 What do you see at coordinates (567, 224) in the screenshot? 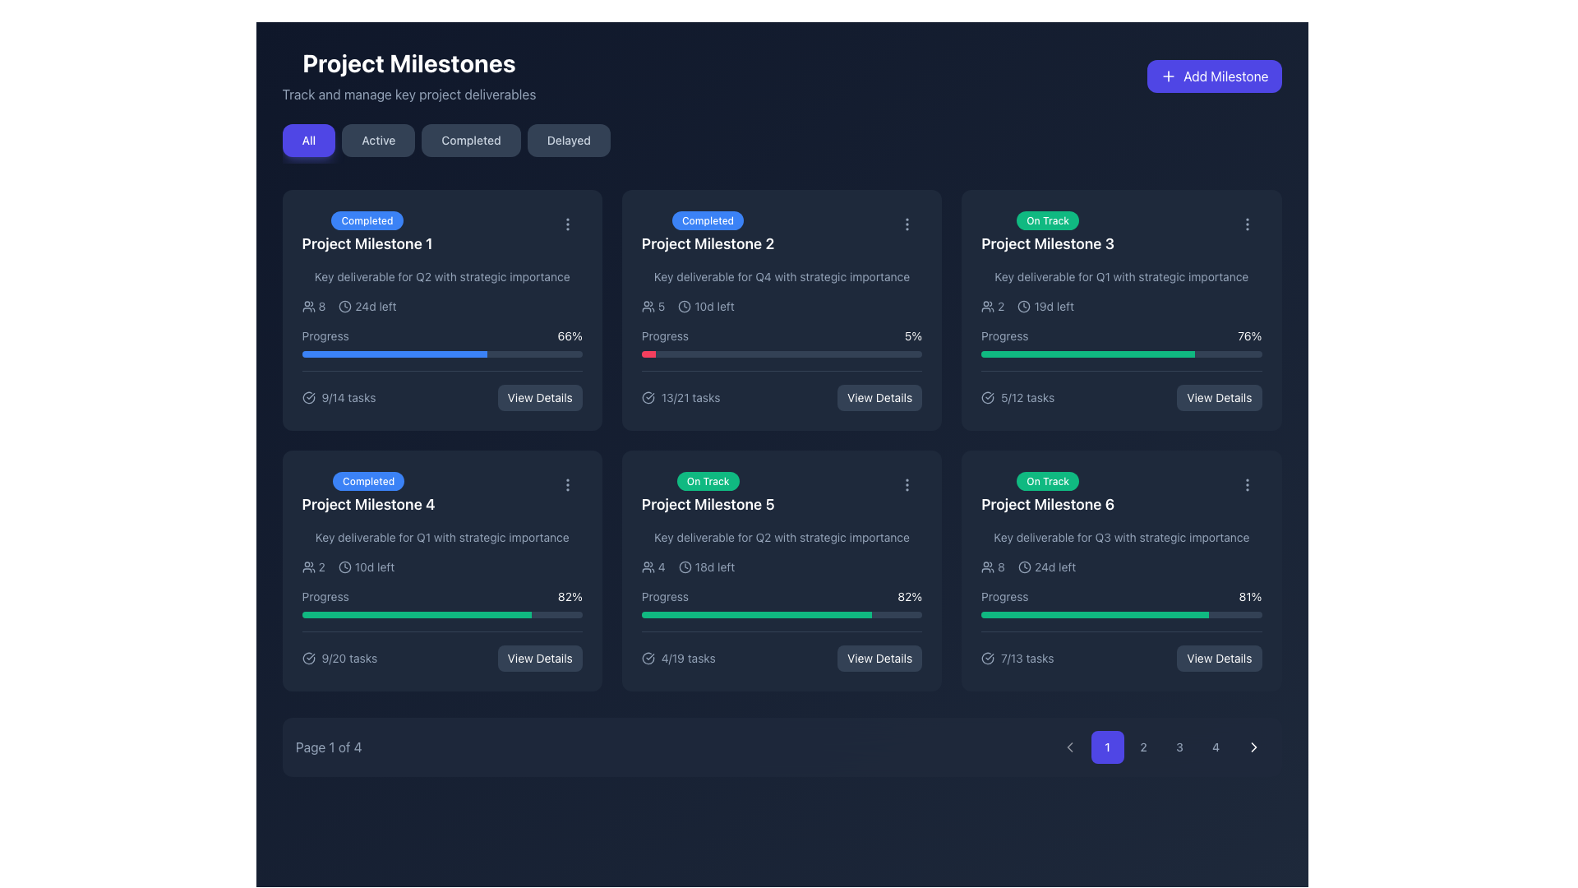
I see `the vertical ellipsis icon button located at the top-right corner of the 'Project Milestone 1' card` at bounding box center [567, 224].